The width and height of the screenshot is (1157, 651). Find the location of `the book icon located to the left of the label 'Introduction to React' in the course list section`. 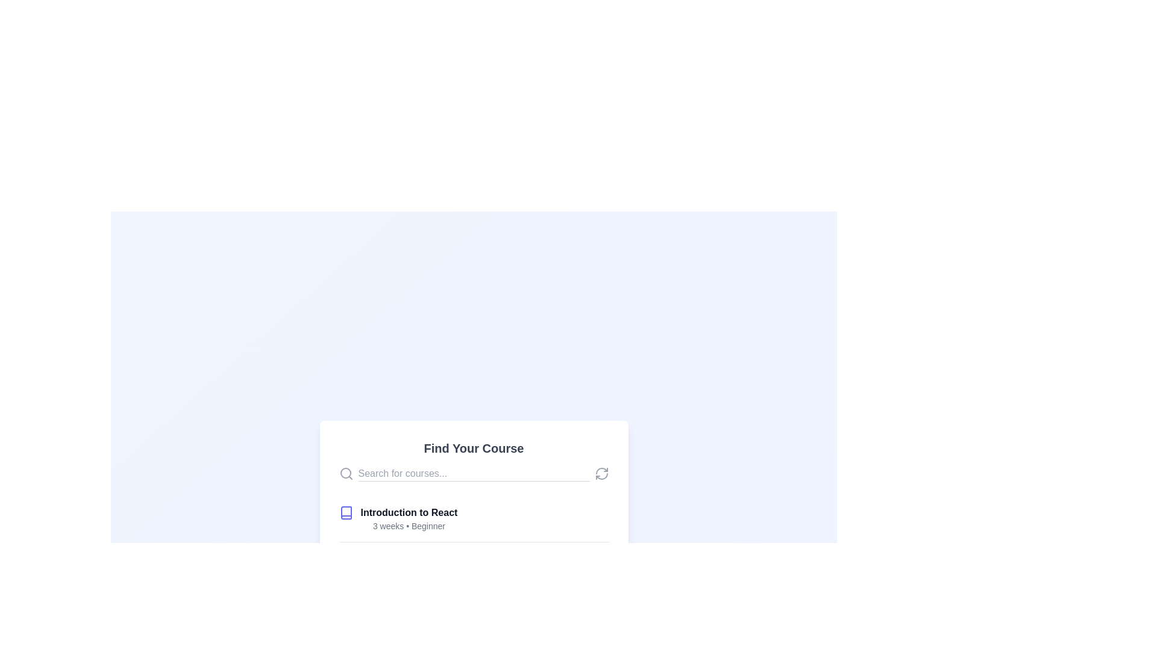

the book icon located to the left of the label 'Introduction to React' in the course list section is located at coordinates (345, 512).